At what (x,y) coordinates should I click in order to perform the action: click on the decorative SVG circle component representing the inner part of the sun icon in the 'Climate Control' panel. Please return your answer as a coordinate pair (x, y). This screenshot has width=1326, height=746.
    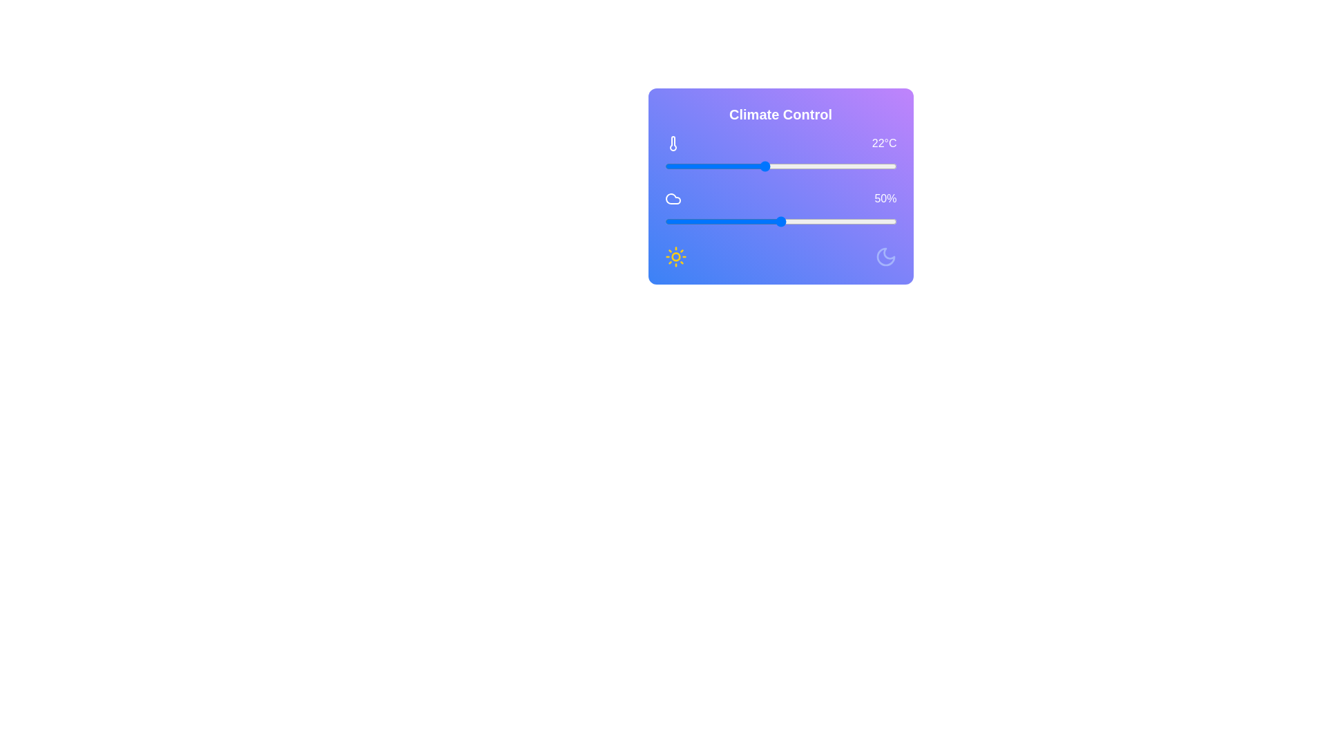
    Looking at the image, I should click on (675, 256).